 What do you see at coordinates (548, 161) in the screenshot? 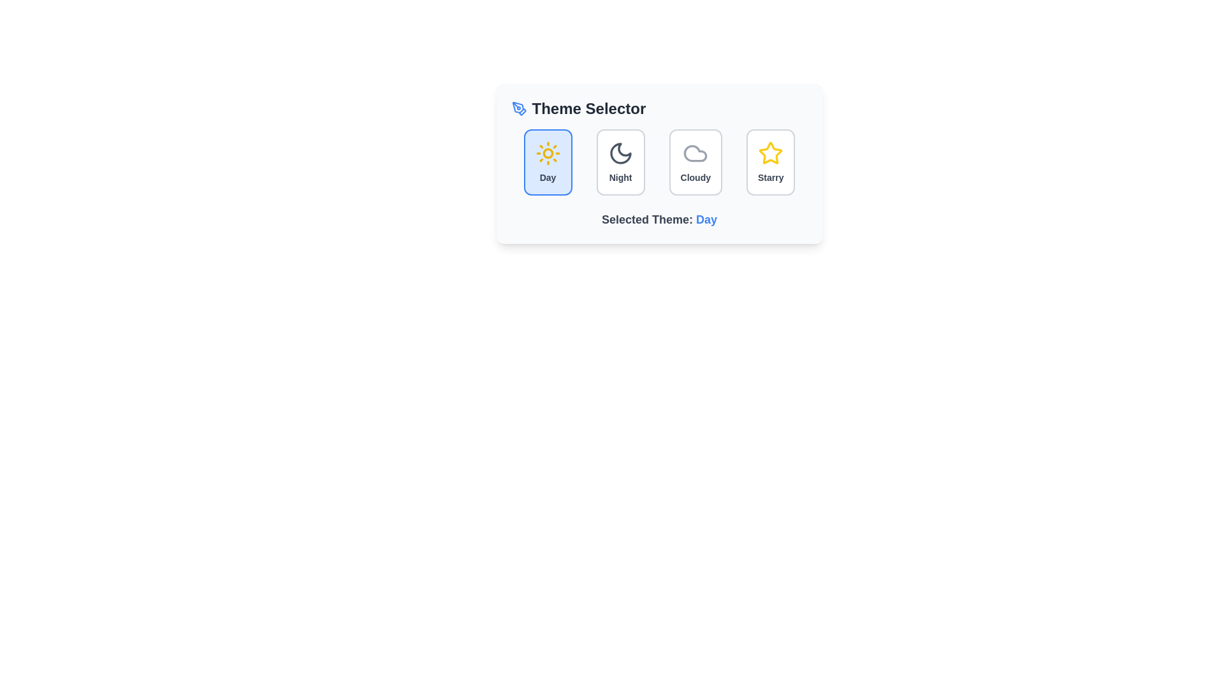
I see `the first Selection card in the 'Theme Selector' section which has a soft blue background and a sun icon` at bounding box center [548, 161].